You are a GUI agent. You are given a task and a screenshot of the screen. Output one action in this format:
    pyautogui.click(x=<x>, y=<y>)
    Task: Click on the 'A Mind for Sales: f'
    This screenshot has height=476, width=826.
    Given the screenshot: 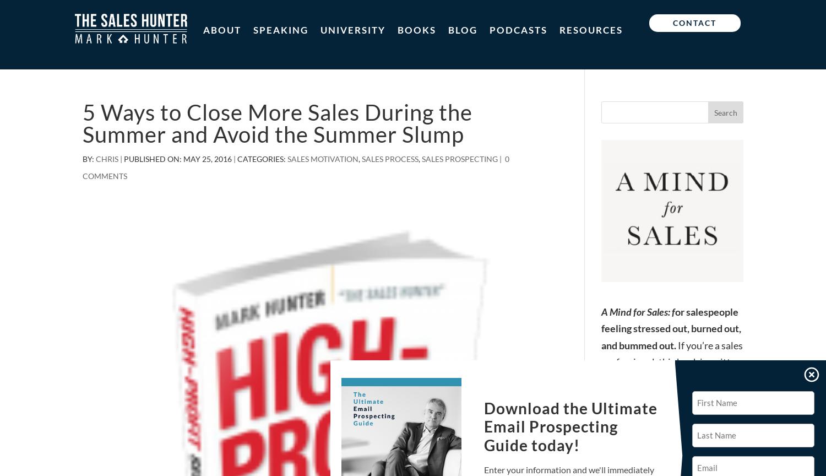 What is the action you would take?
    pyautogui.click(x=638, y=310)
    